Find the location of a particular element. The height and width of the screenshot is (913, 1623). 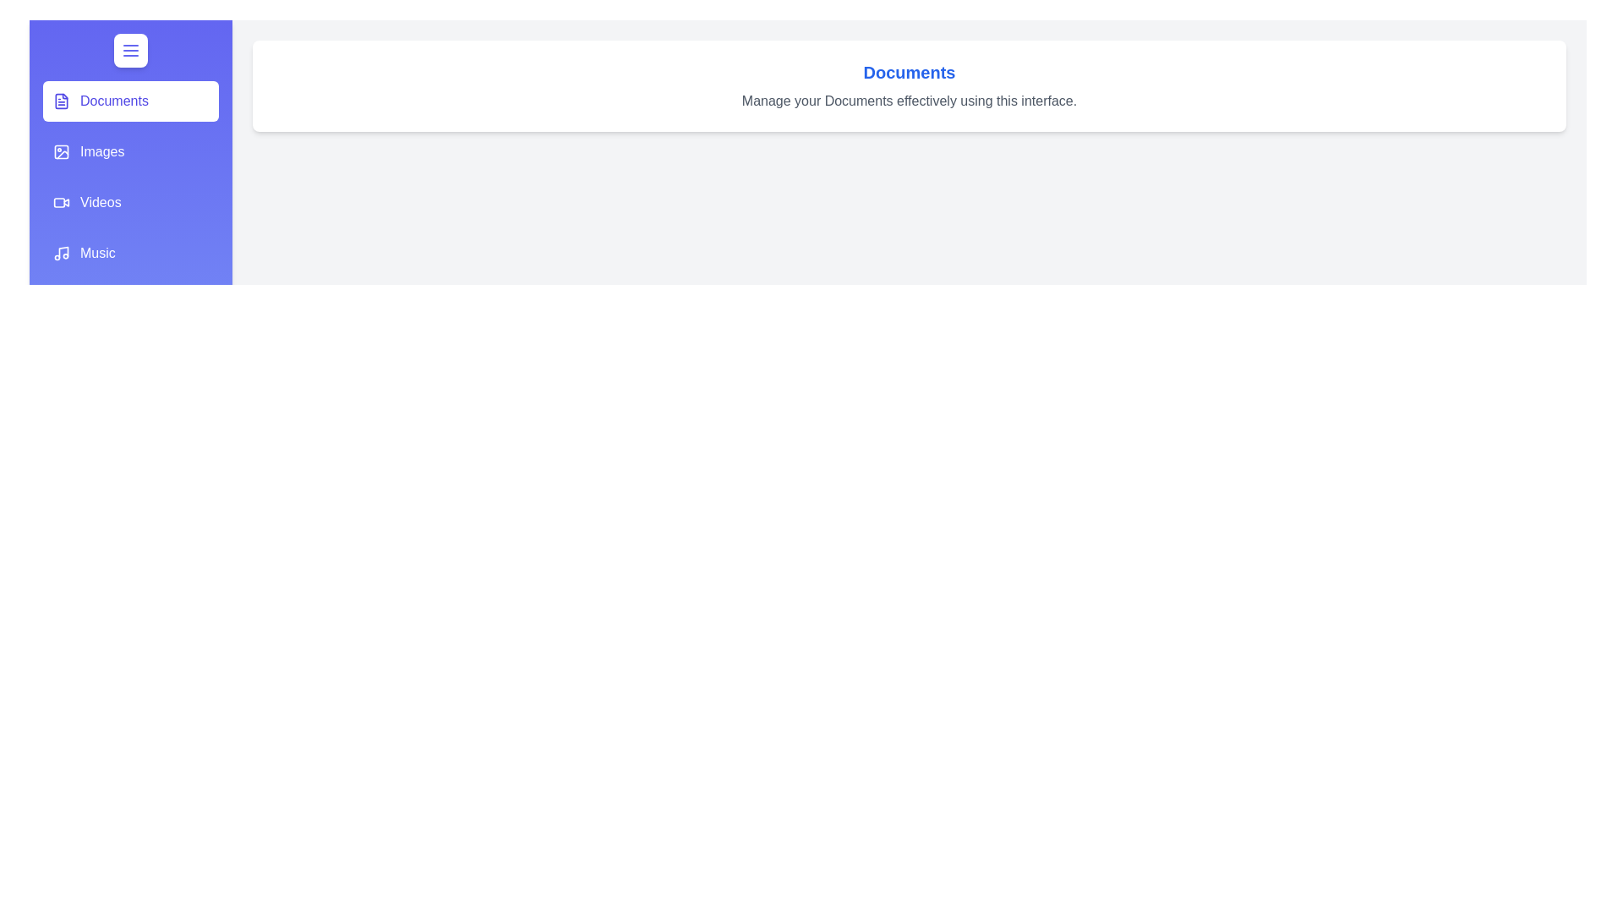

the section Videos from the list is located at coordinates (129, 201).